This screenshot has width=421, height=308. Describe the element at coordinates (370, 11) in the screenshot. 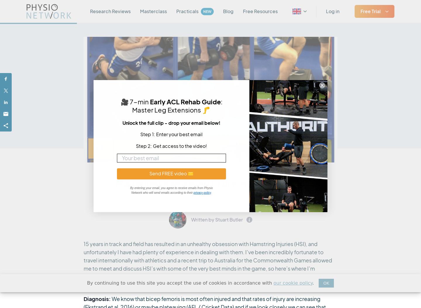

I see `'Free Trial'` at that location.